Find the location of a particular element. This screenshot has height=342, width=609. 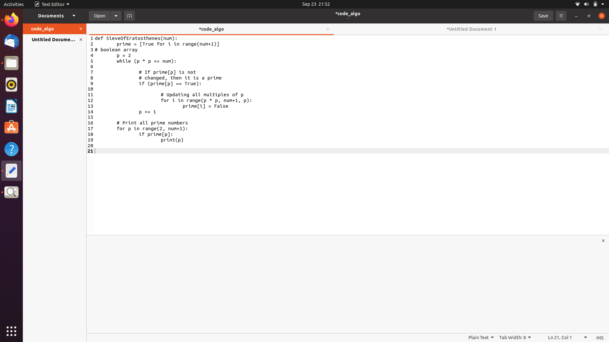

Mimic the information in code_algo document and input it into an new document by pressing Ctrl+A, Ctrl+C, and Ctrl+V consecutively is located at coordinates (121, 50).